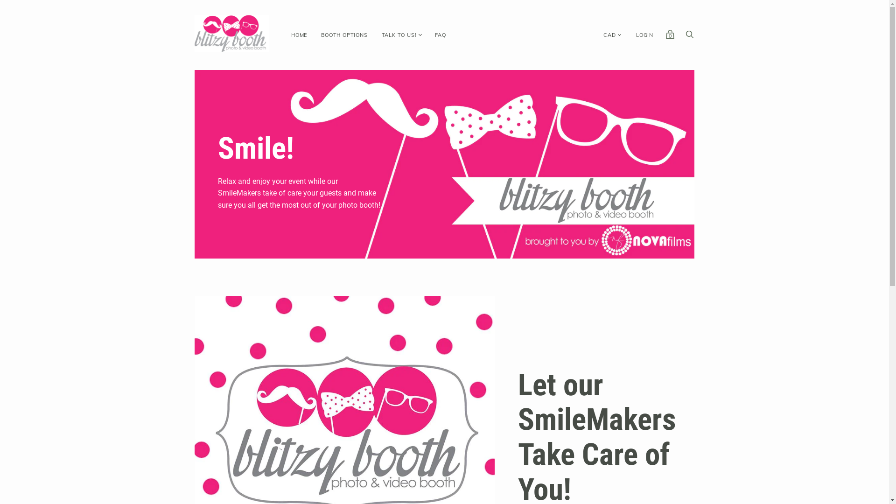 This screenshot has width=896, height=504. I want to click on 'TALK TO US!', so click(399, 35).